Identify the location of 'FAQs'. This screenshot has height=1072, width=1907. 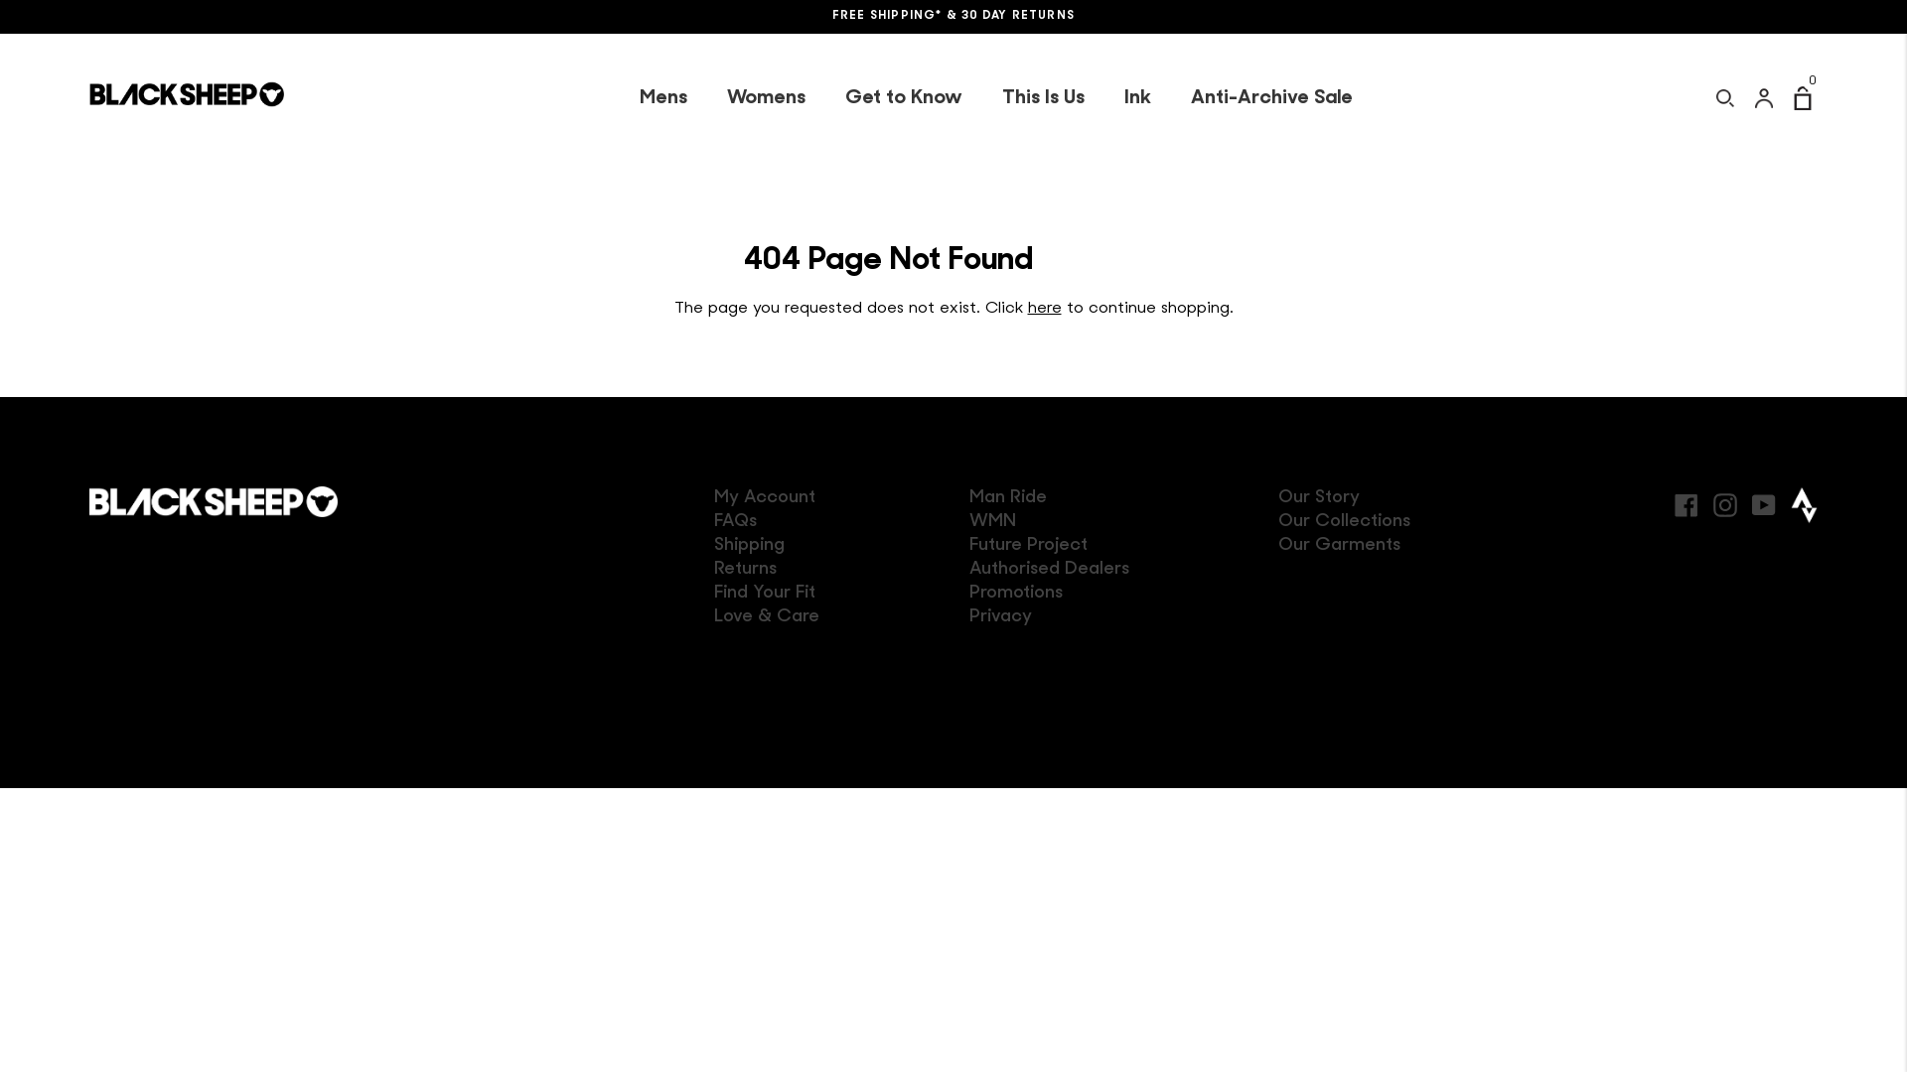
(734, 520).